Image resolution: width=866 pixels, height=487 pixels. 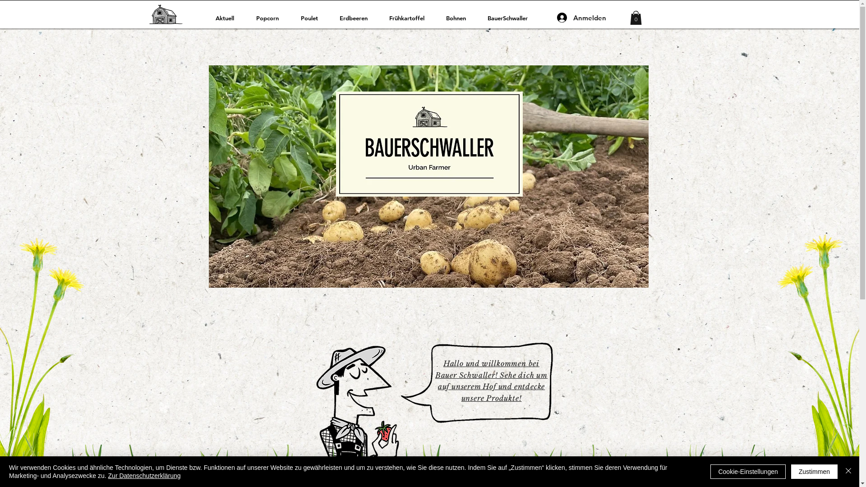 What do you see at coordinates (747, 471) in the screenshot?
I see `'Cookie-Einstellungen'` at bounding box center [747, 471].